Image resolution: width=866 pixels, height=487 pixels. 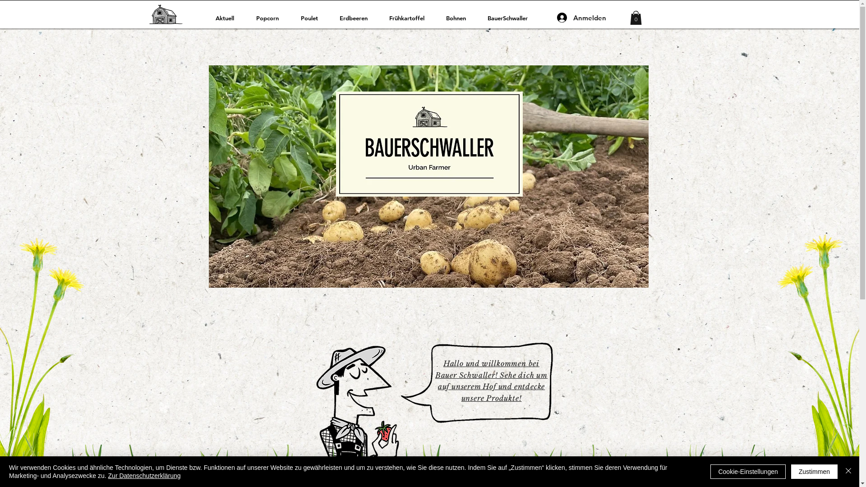 What do you see at coordinates (747, 471) in the screenshot?
I see `'Cookie-Einstellungen'` at bounding box center [747, 471].